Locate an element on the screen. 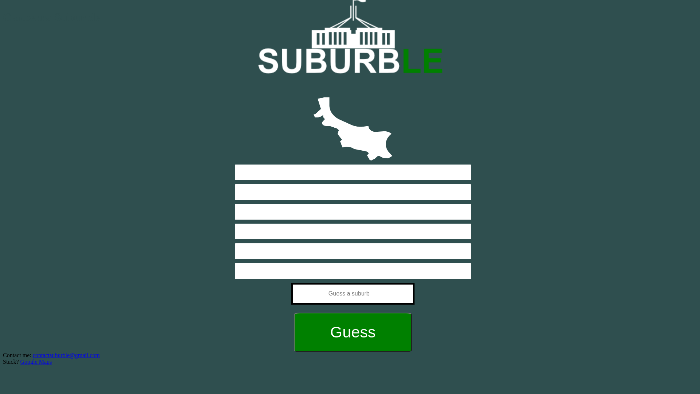  'Google Maps' is located at coordinates (36, 362).